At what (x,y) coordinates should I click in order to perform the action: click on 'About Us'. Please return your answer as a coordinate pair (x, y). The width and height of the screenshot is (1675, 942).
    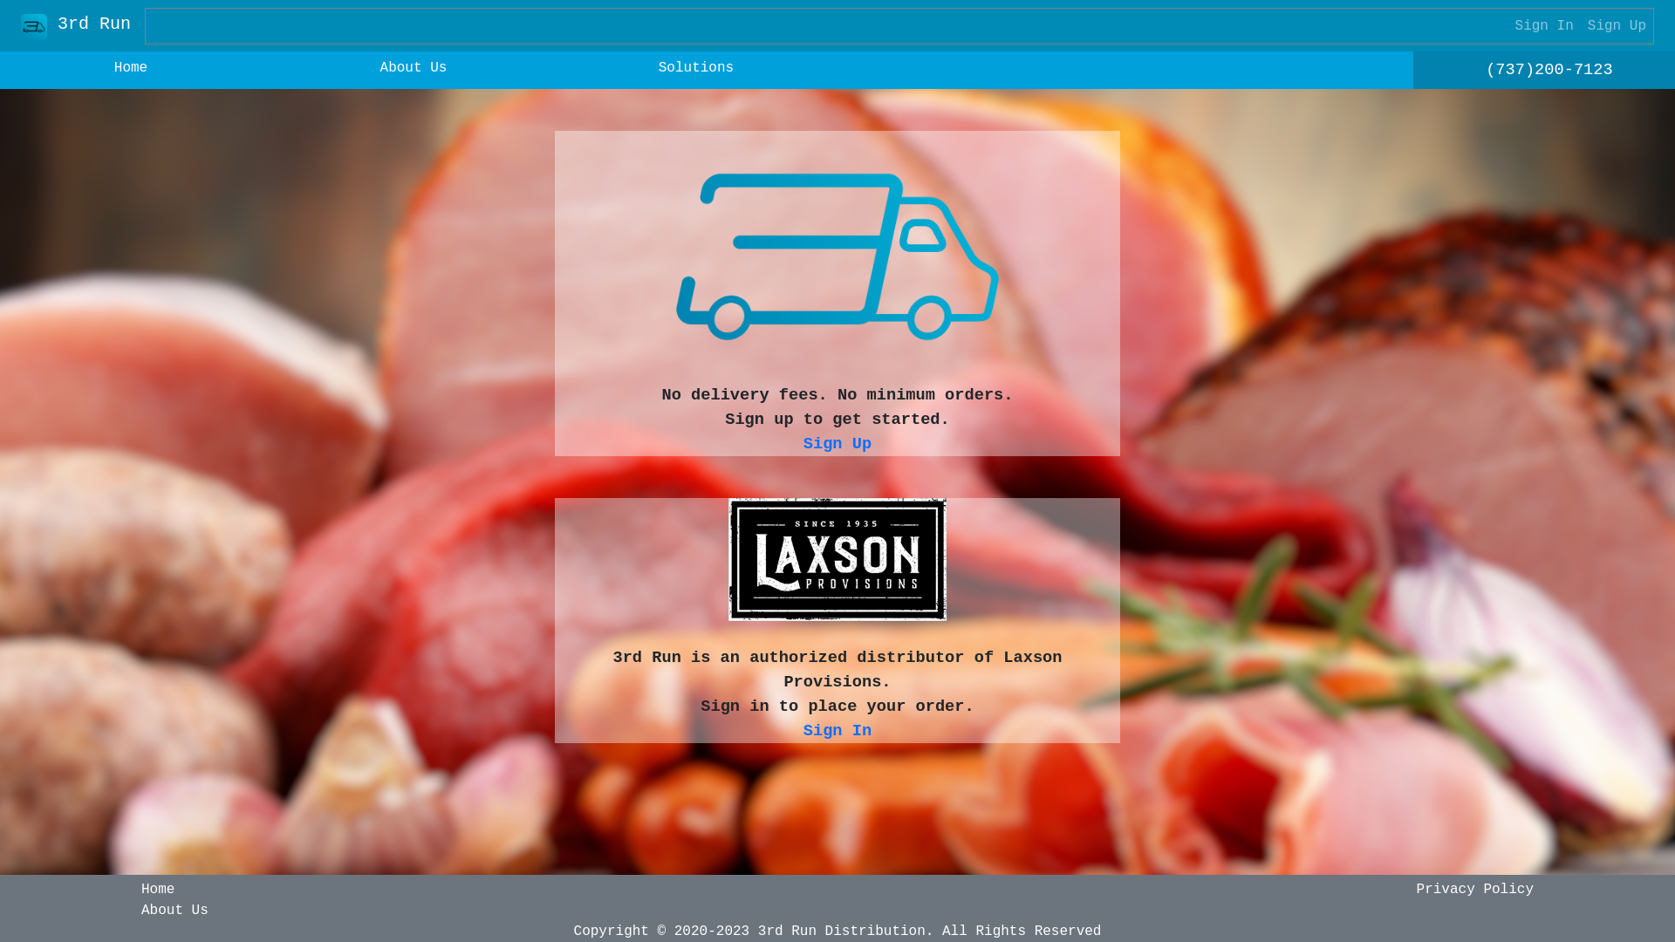
    Looking at the image, I should click on (174, 910).